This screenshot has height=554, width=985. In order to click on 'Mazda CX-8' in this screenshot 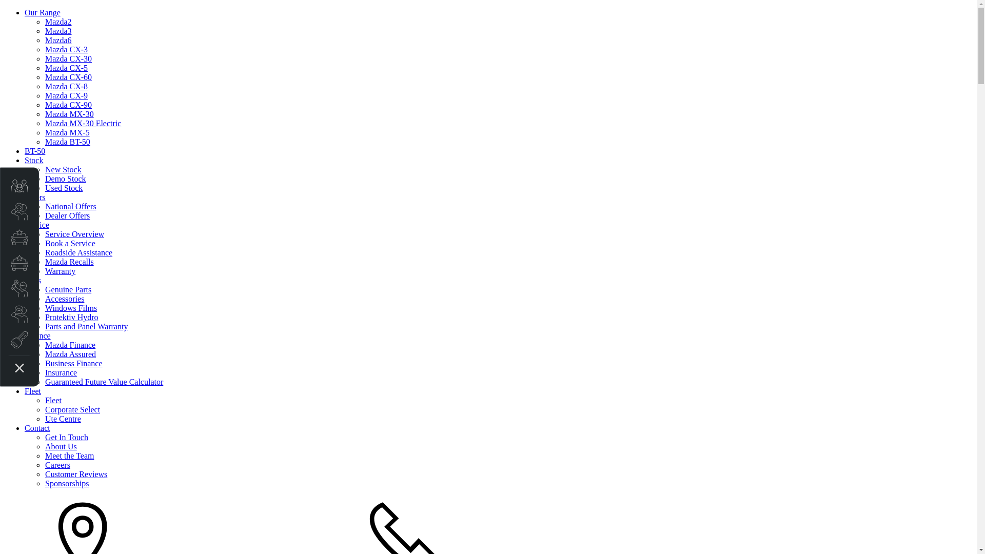, I will do `click(66, 86)`.